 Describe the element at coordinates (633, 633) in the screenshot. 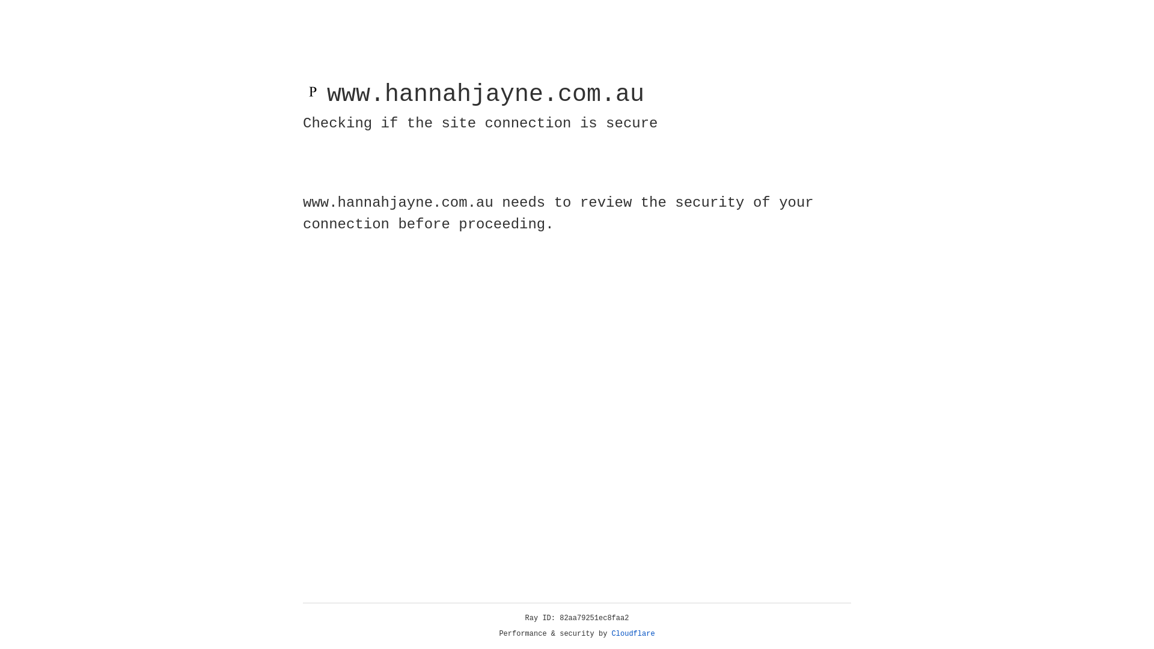

I see `'Cloudflare'` at that location.